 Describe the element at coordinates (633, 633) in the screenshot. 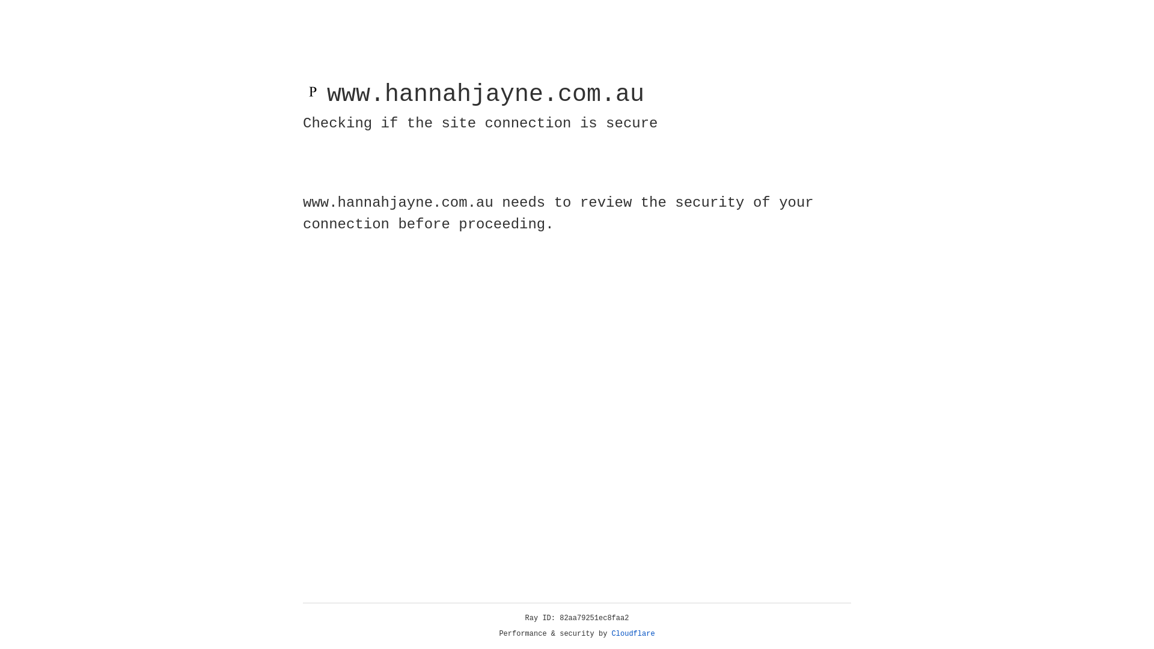

I see `'Cloudflare'` at that location.